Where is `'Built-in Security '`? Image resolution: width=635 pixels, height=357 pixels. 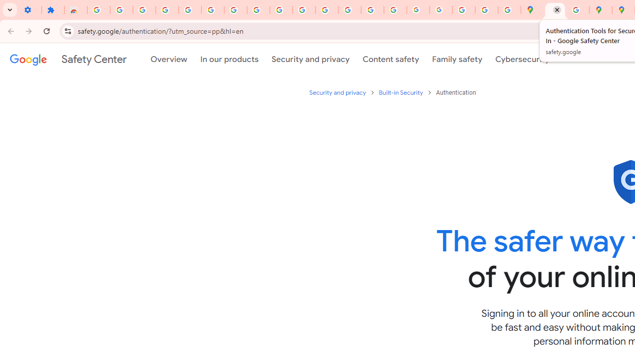 'Built-in Security ' is located at coordinates (401, 92).